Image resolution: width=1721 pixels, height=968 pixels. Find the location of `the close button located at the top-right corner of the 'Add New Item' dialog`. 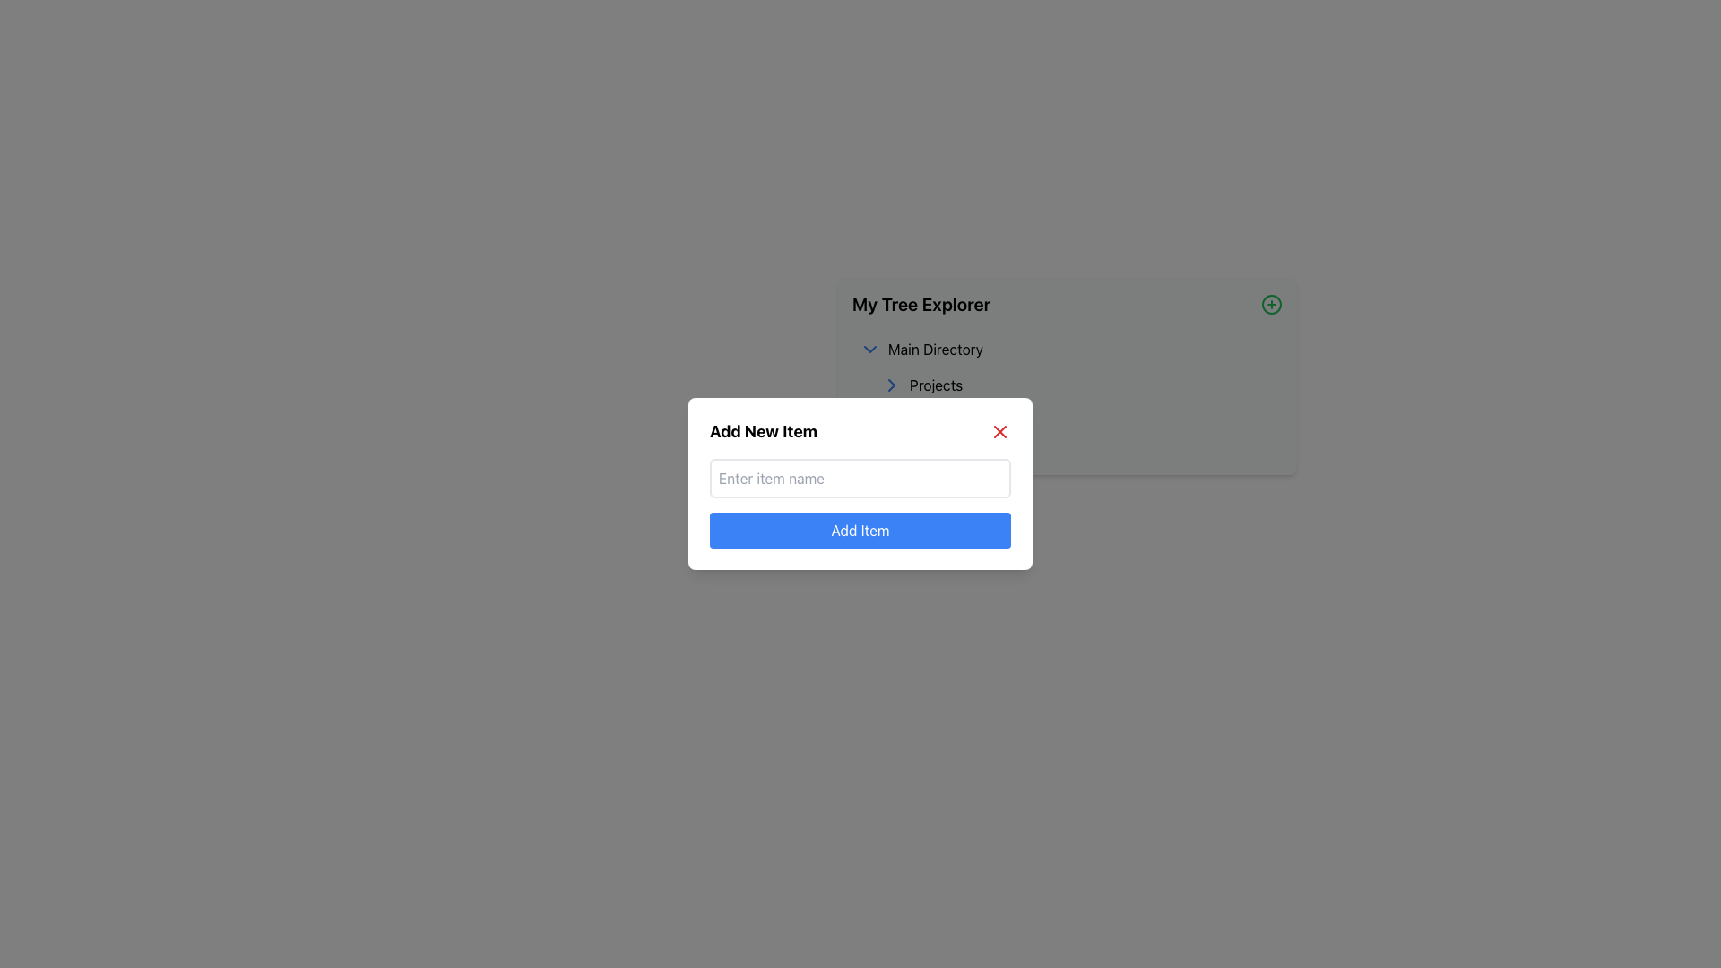

the close button located at the top-right corner of the 'Add New Item' dialog is located at coordinates (999, 432).